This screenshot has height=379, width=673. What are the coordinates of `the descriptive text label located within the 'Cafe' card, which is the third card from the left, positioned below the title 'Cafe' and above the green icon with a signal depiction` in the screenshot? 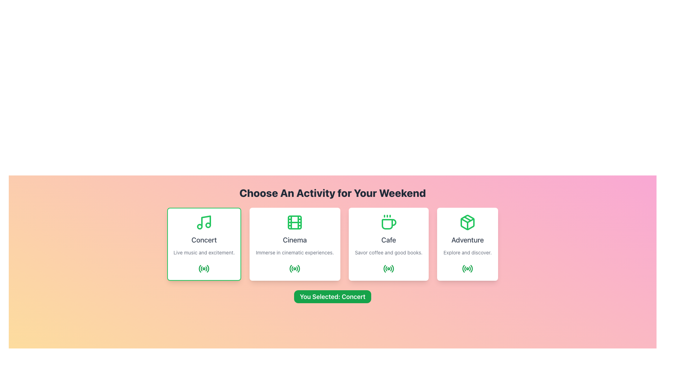 It's located at (388, 253).